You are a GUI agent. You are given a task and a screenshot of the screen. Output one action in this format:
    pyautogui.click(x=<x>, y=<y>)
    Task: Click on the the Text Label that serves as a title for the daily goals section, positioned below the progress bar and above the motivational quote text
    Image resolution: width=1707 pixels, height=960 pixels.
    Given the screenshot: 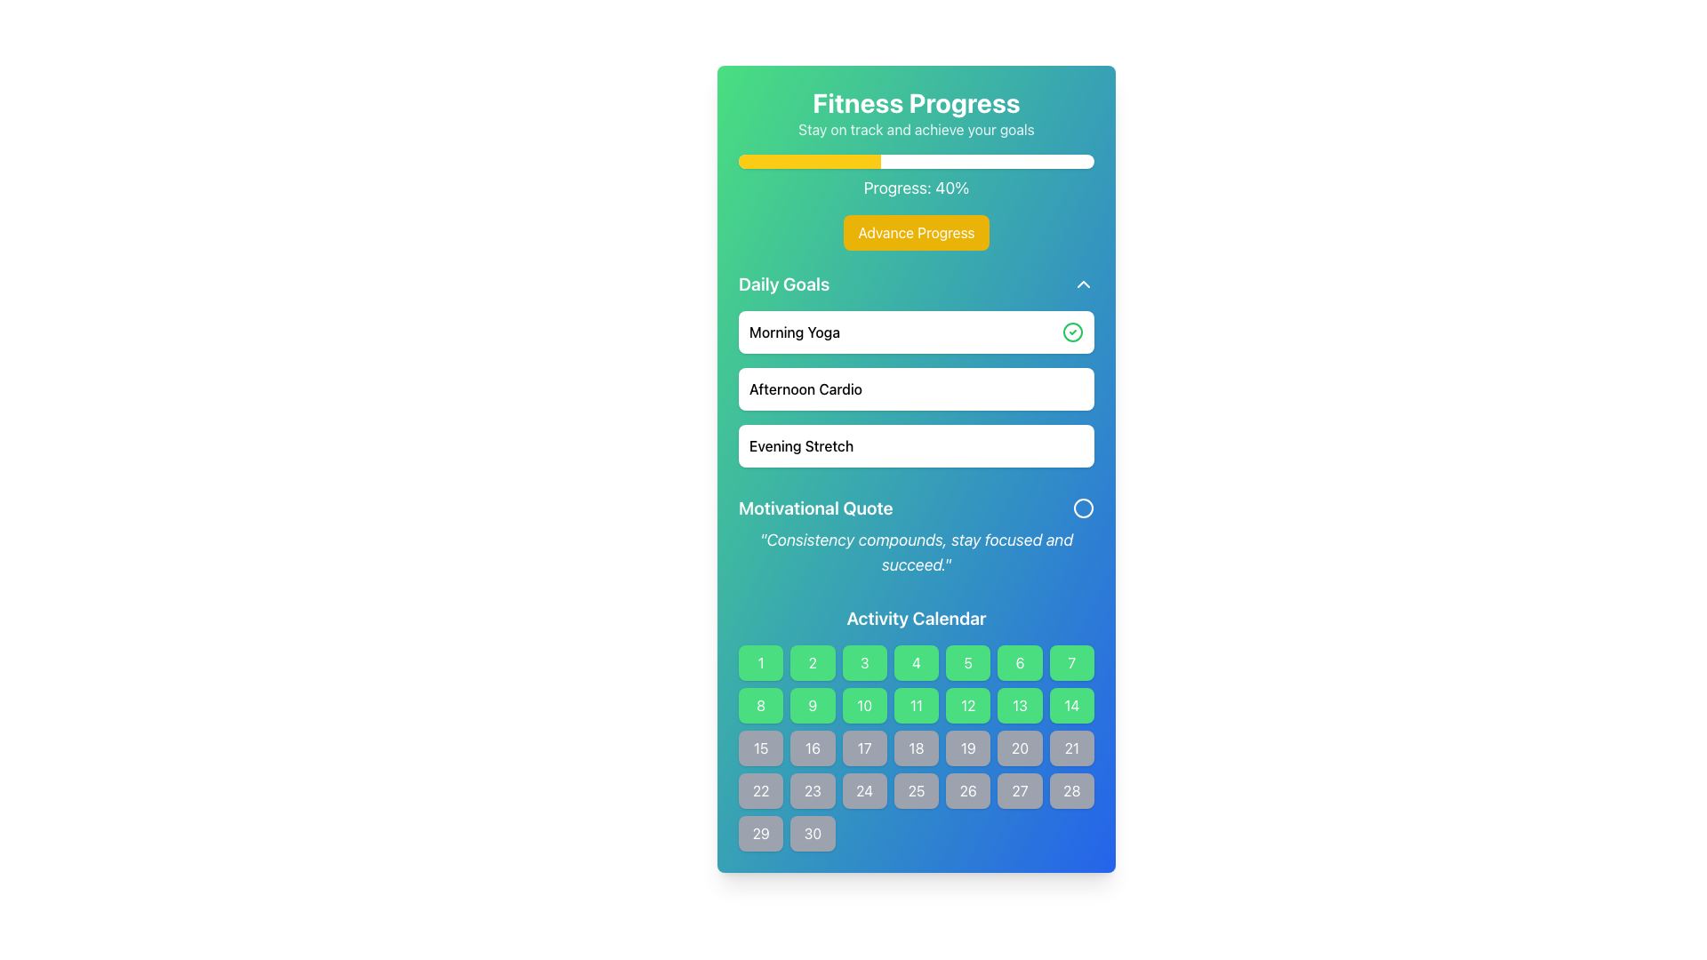 What is the action you would take?
    pyautogui.click(x=783, y=284)
    